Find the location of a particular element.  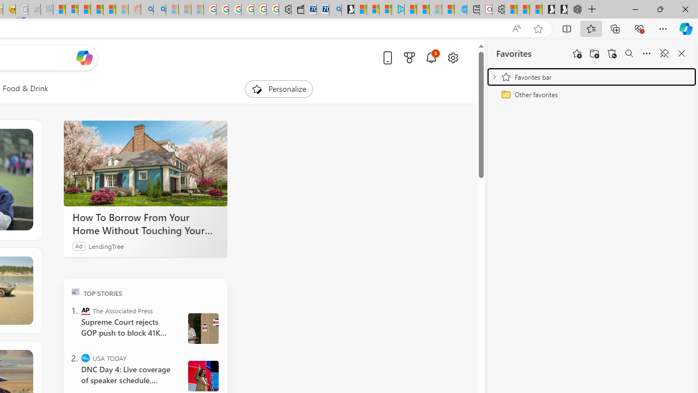

'Bing Real Estate - Home sales and rental listings' is located at coordinates (335, 9).